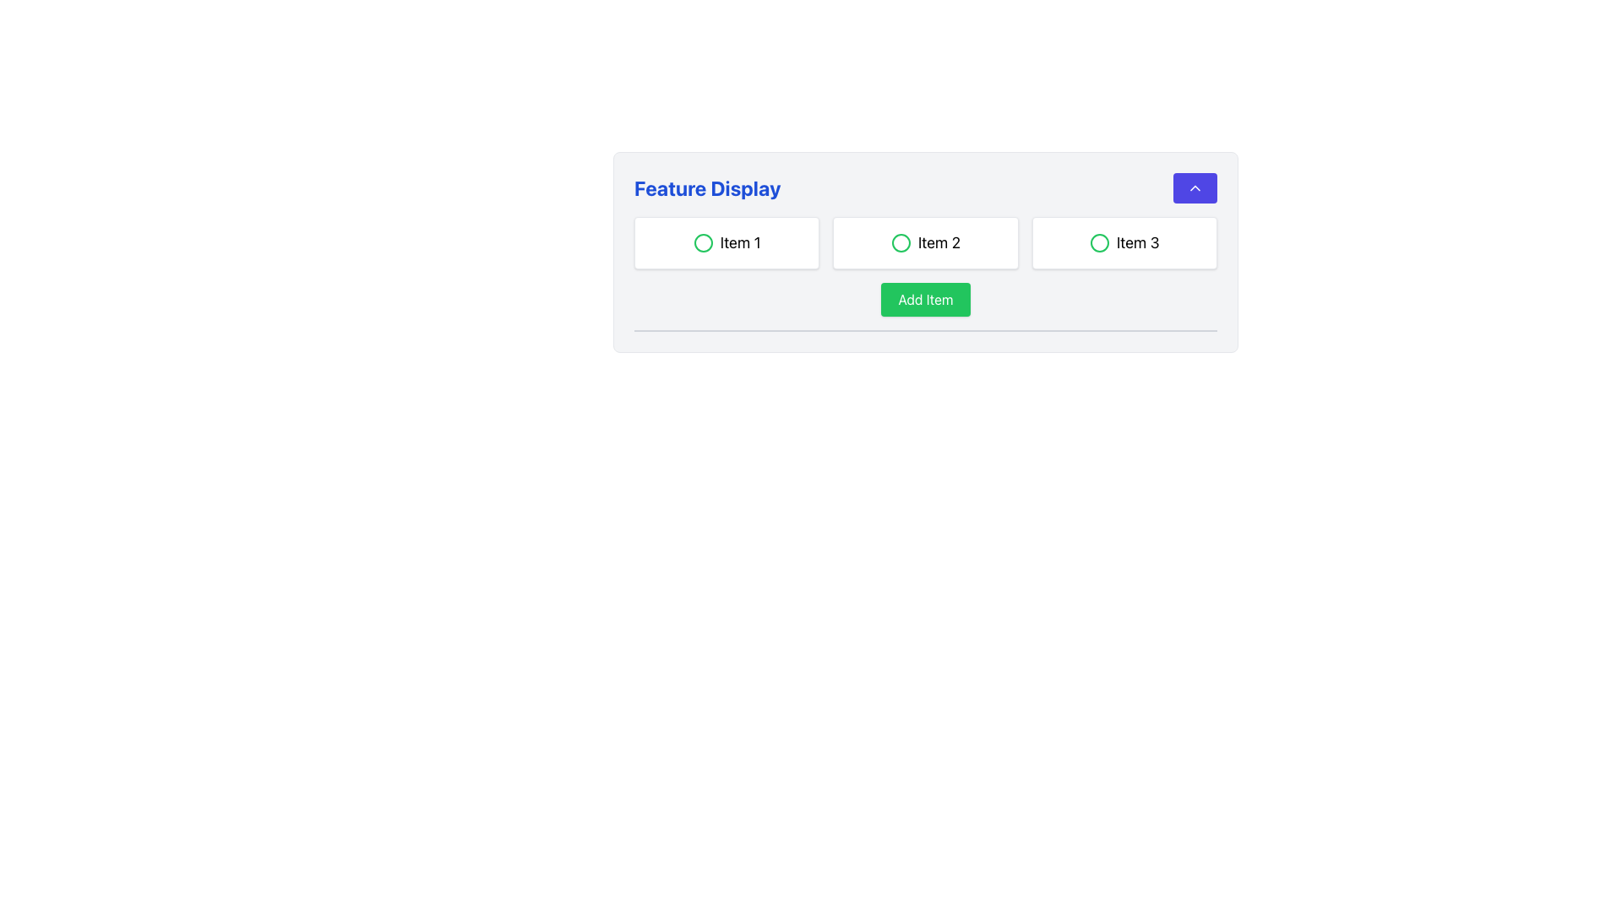 This screenshot has height=912, width=1622. I want to click on the selectable item labeled 'Item 1', which is the first item in a horizontal grid layout, so click(727, 243).